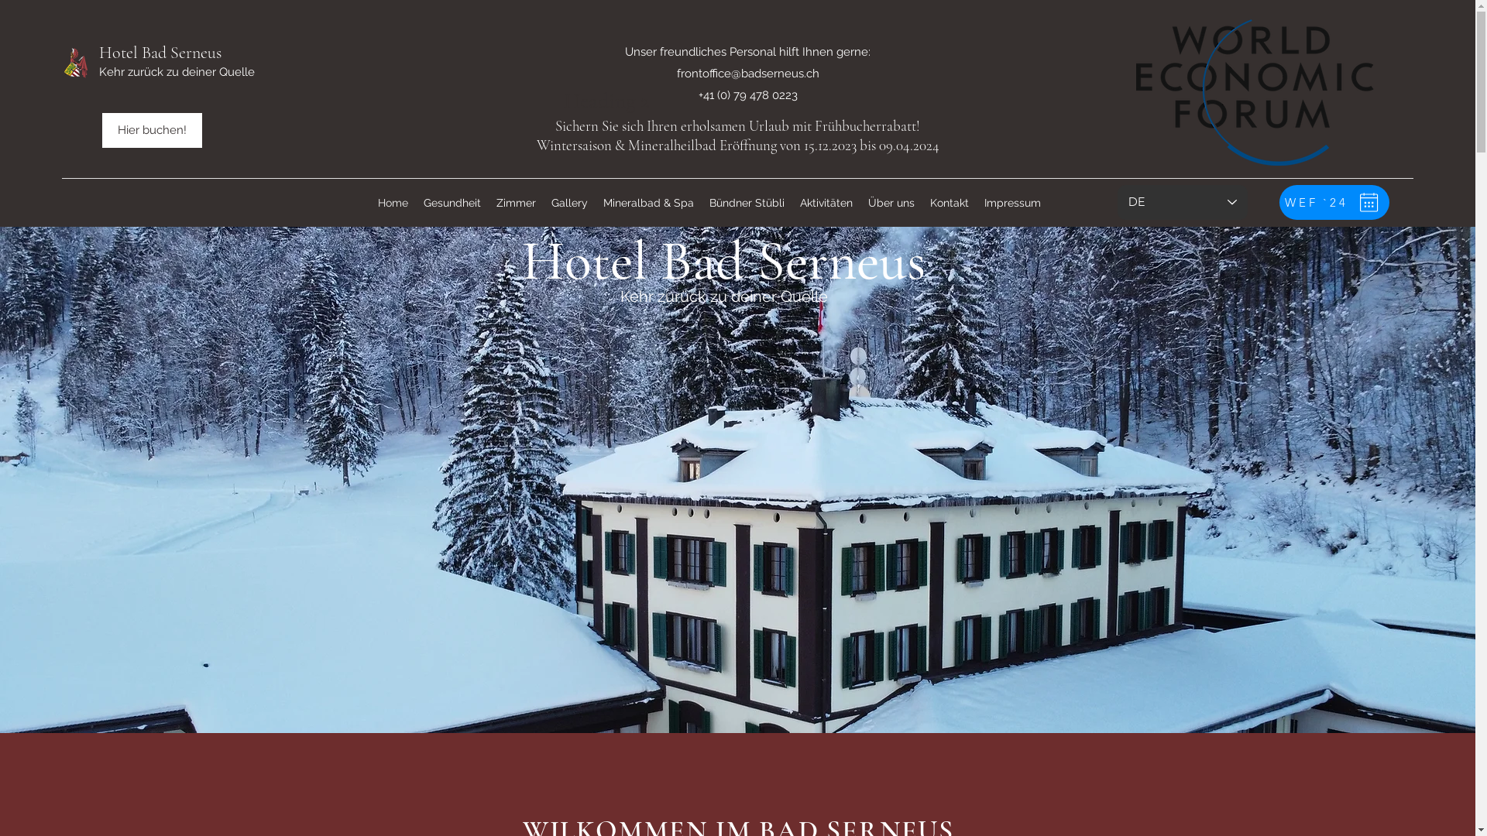 Image resolution: width=1487 pixels, height=836 pixels. I want to click on 'Kontakt', so click(947, 202).